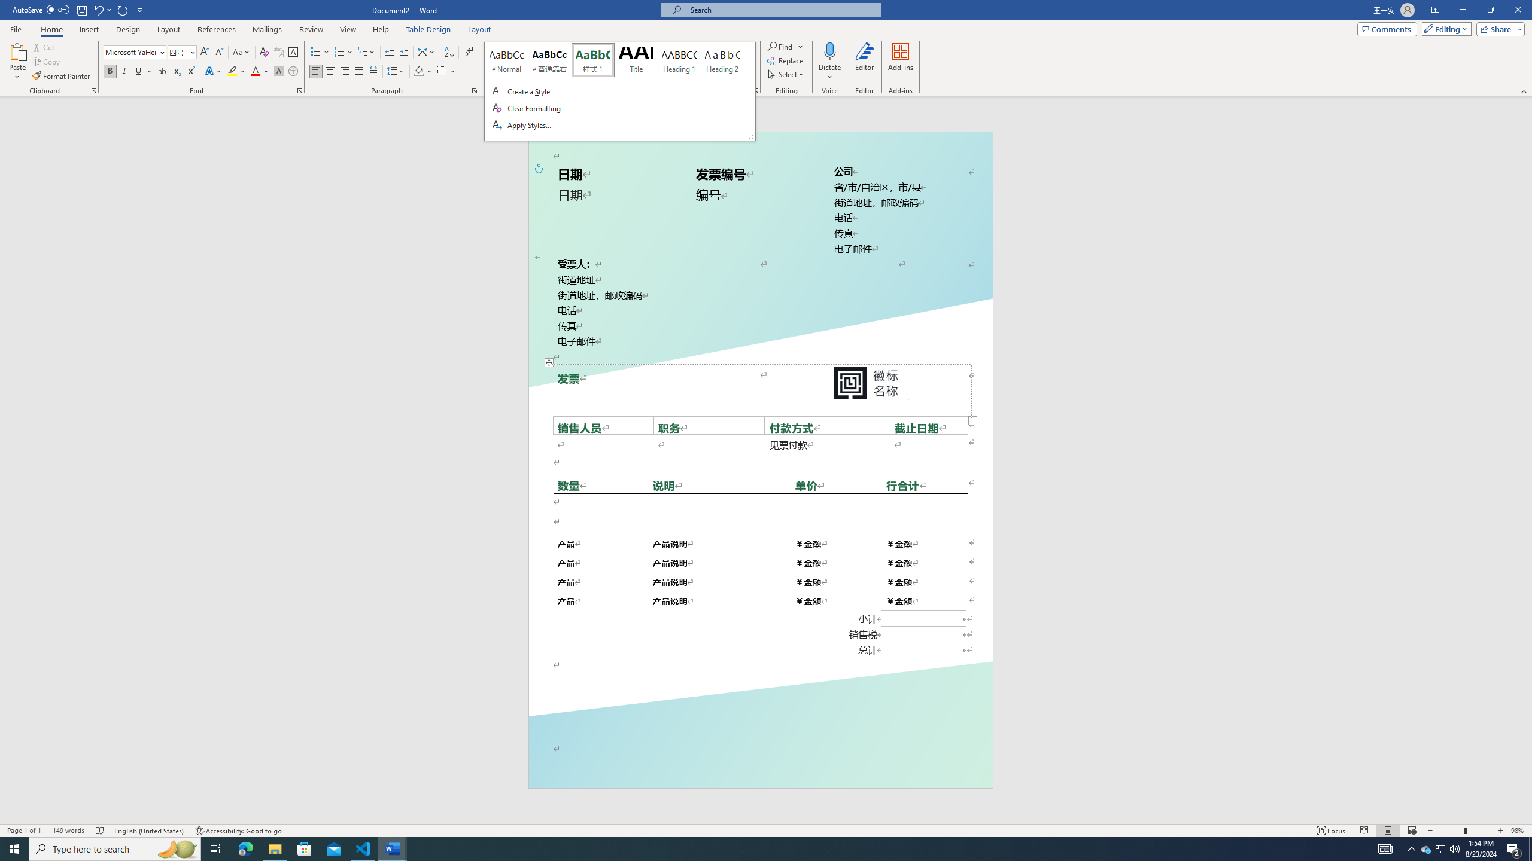  I want to click on 'Word - 2 running windows', so click(393, 848).